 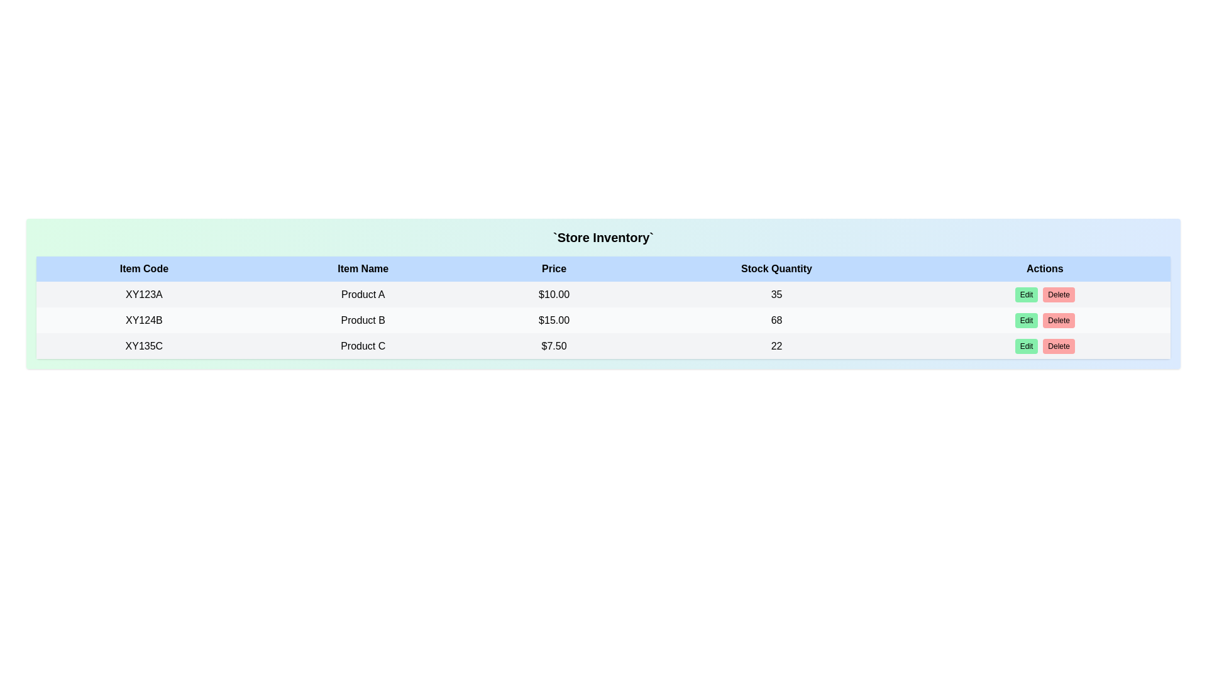 I want to click on price text '$10.00' displayed in bold, sans-serif font in the 'Price' column of the 'Store Inventory' table, so click(x=553, y=294).